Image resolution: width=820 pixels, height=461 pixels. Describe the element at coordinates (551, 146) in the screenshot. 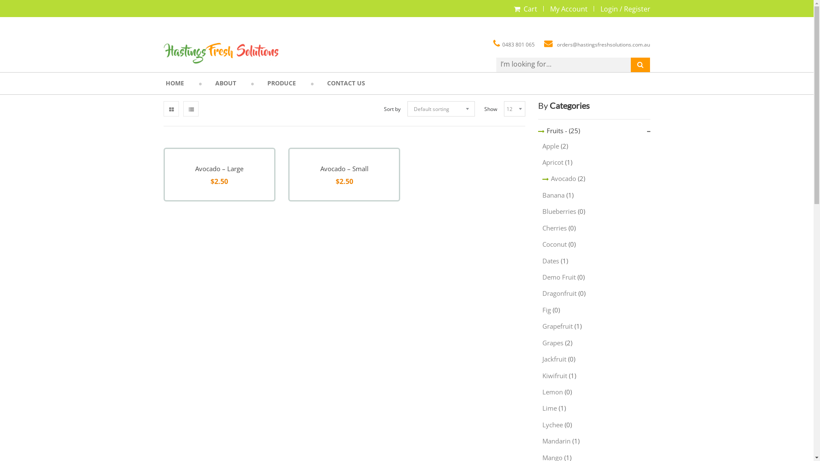

I see `'Apple'` at that location.